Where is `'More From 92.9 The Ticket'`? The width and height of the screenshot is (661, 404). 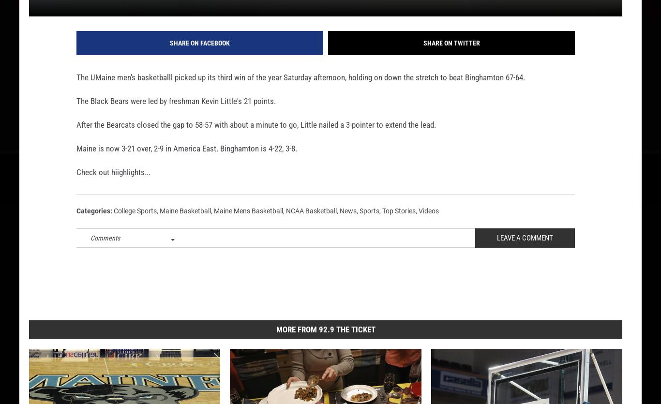 'More From 92.9 The Ticket' is located at coordinates (325, 345).